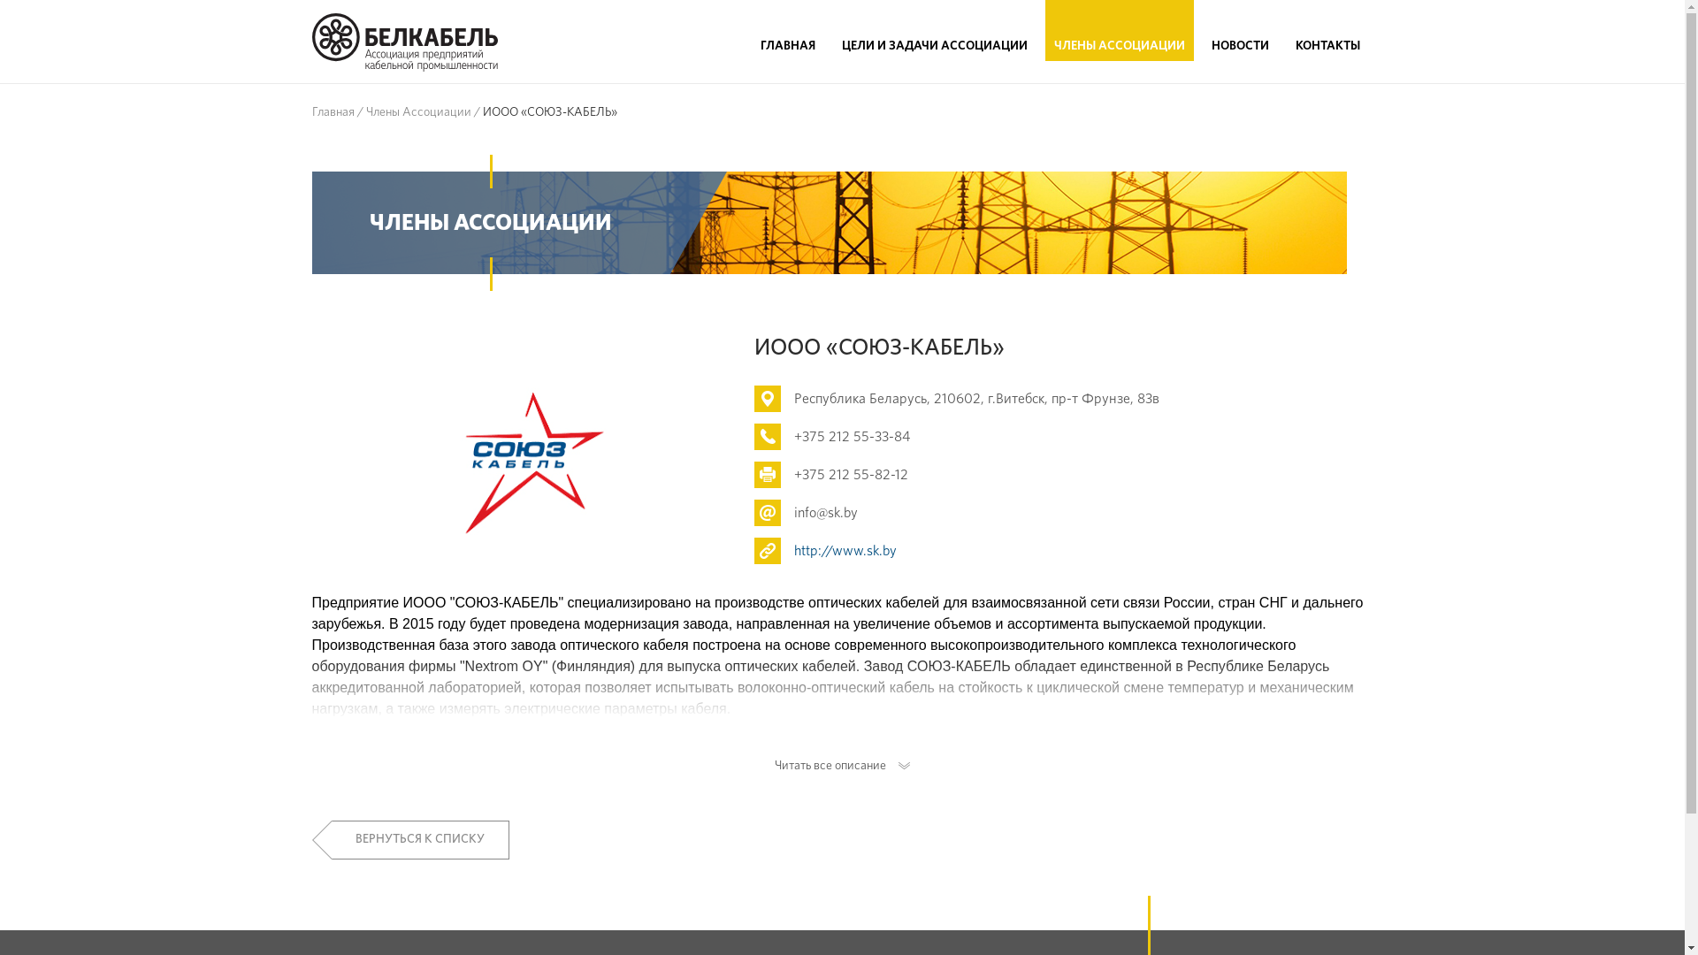  What do you see at coordinates (792, 550) in the screenshot?
I see `'http://www.sk.by'` at bounding box center [792, 550].